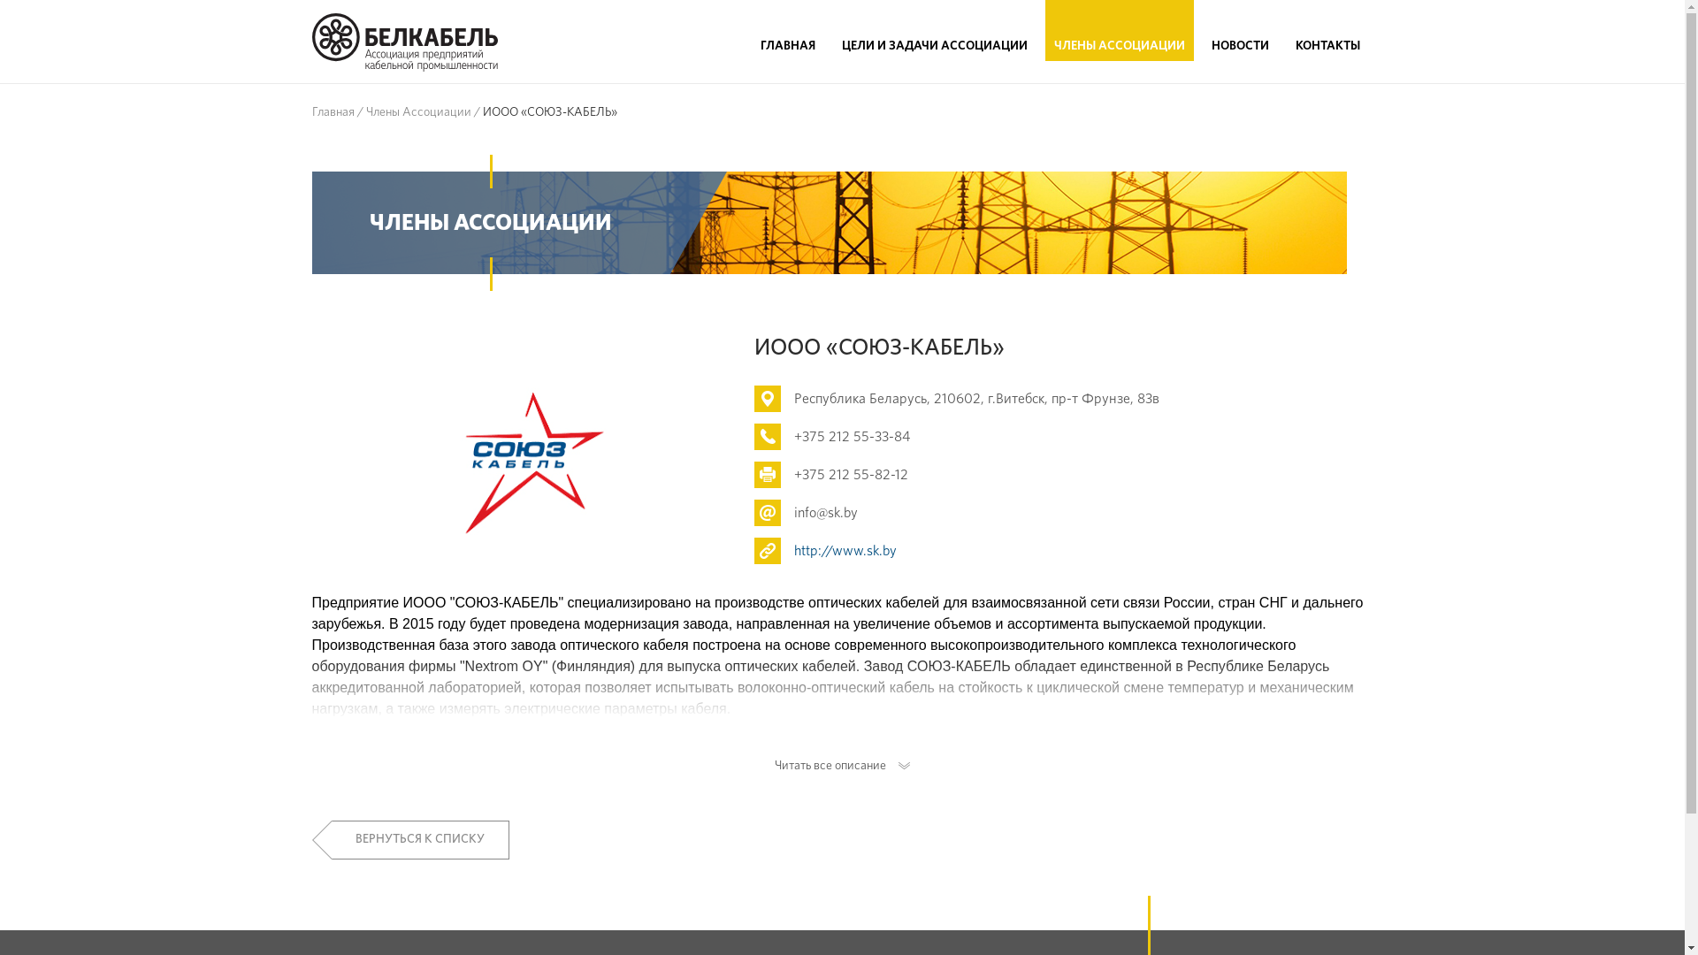  What do you see at coordinates (792, 550) in the screenshot?
I see `'http://www.sk.by'` at bounding box center [792, 550].